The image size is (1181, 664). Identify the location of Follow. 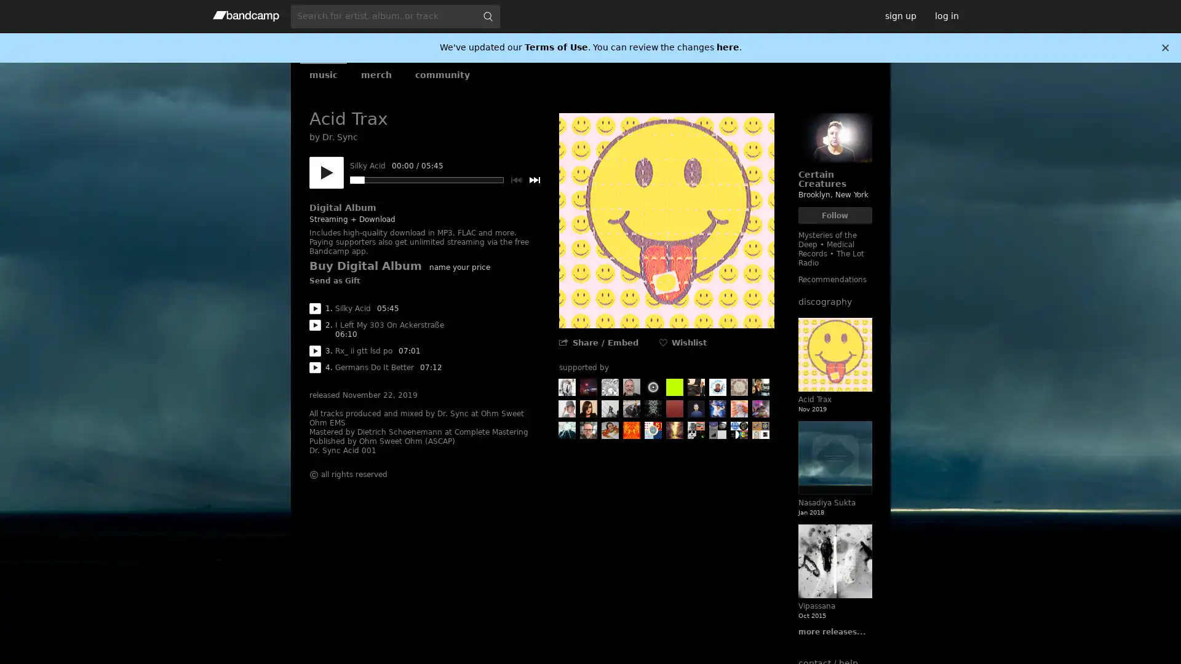
(835, 215).